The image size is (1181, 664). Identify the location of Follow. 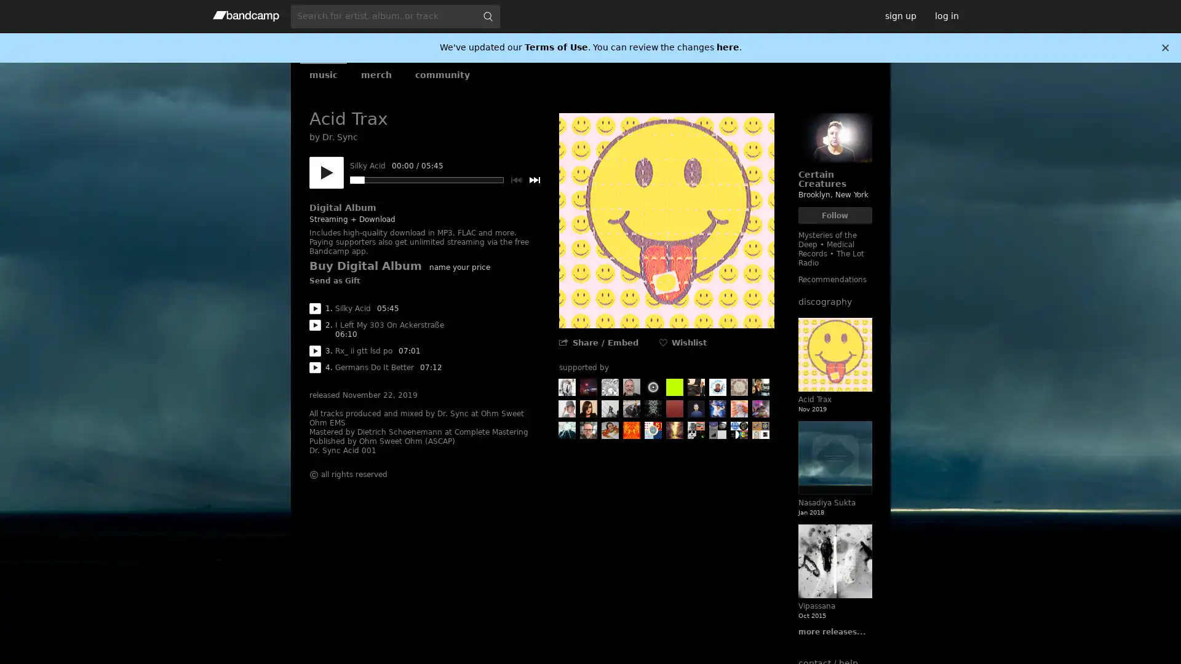
(835, 215).